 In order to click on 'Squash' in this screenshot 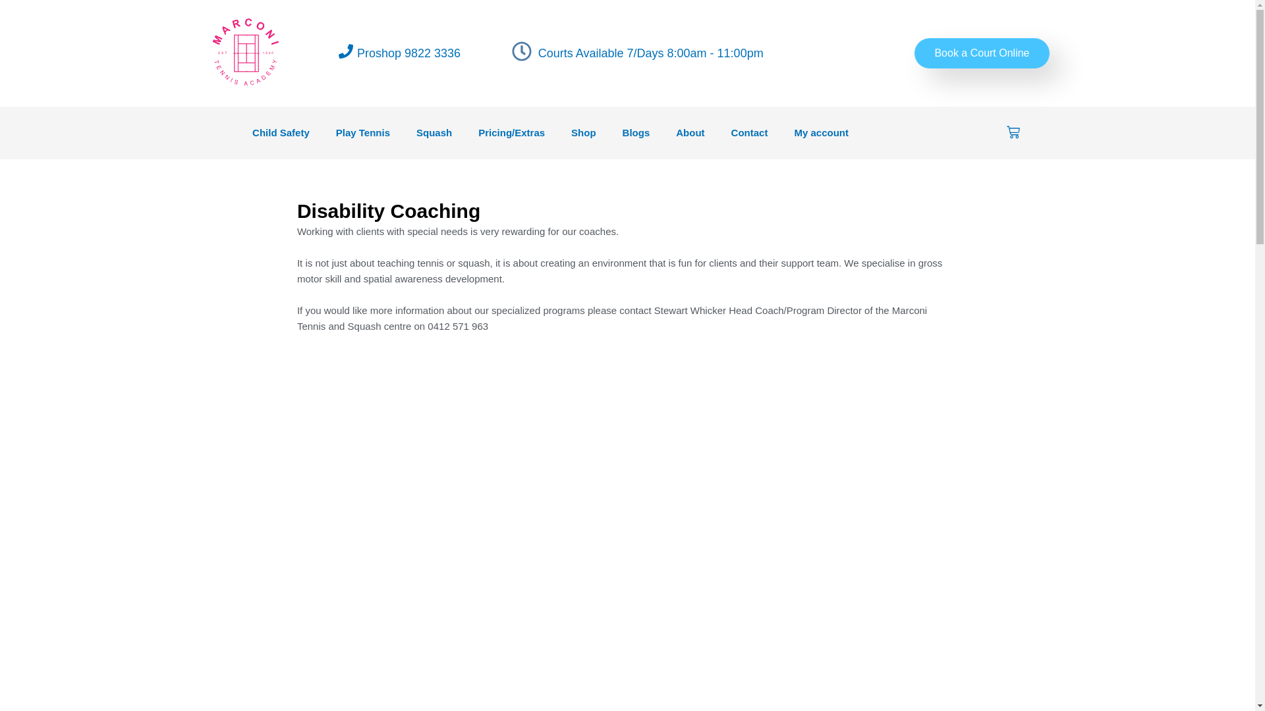, I will do `click(402, 132)`.